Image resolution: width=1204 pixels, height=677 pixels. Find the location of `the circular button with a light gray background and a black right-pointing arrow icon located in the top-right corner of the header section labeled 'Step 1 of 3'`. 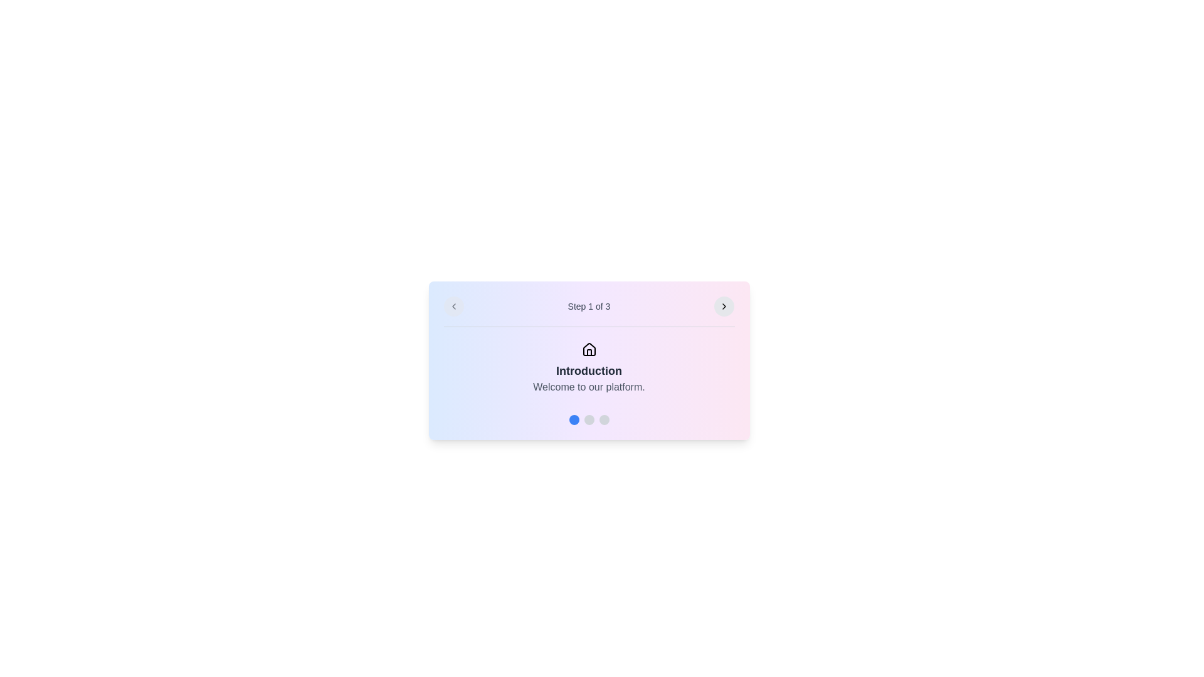

the circular button with a light gray background and a black right-pointing arrow icon located in the top-right corner of the header section labeled 'Step 1 of 3' is located at coordinates (724, 307).